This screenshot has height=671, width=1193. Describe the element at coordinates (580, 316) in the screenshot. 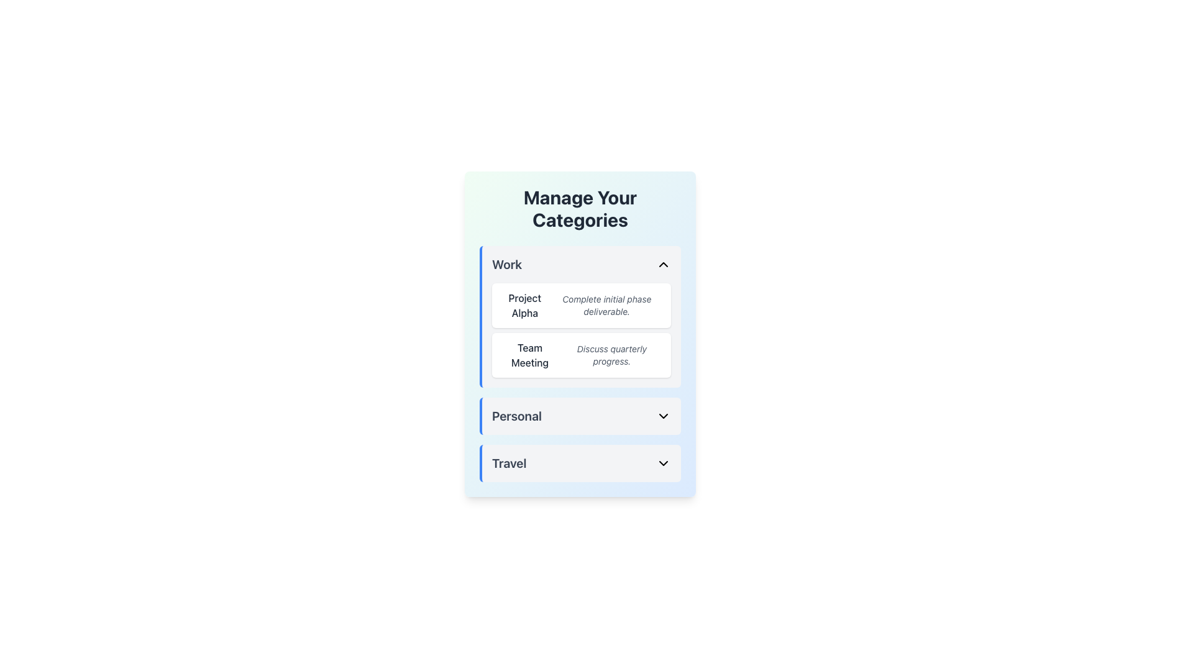

I see `the first list item under the 'Work' category in the 'Manage Your Categories' panel, which contains 'Project Alpha' and 'Complete initial phase deliverable'` at that location.